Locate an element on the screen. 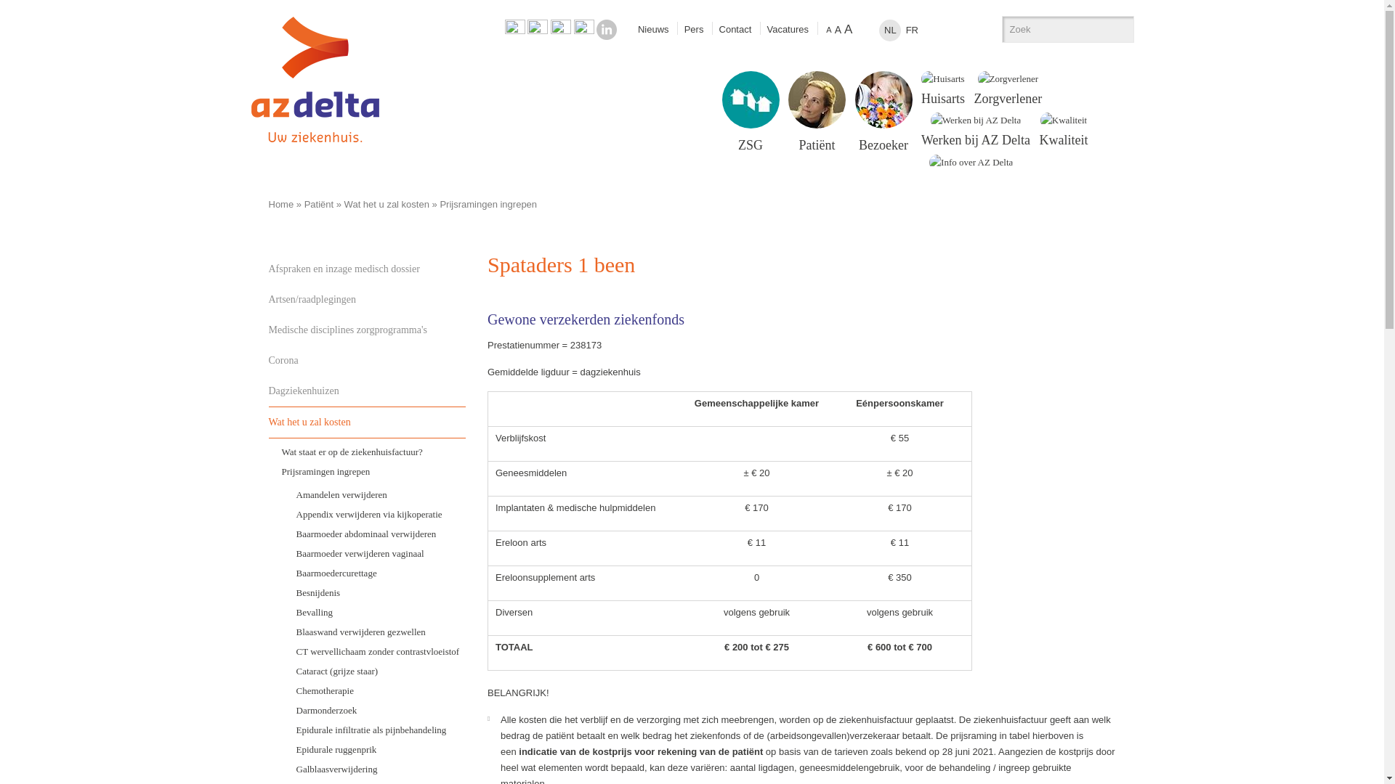 Image resolution: width=1395 pixels, height=784 pixels. 'Cataract (grijze staar)' is located at coordinates (374, 670).